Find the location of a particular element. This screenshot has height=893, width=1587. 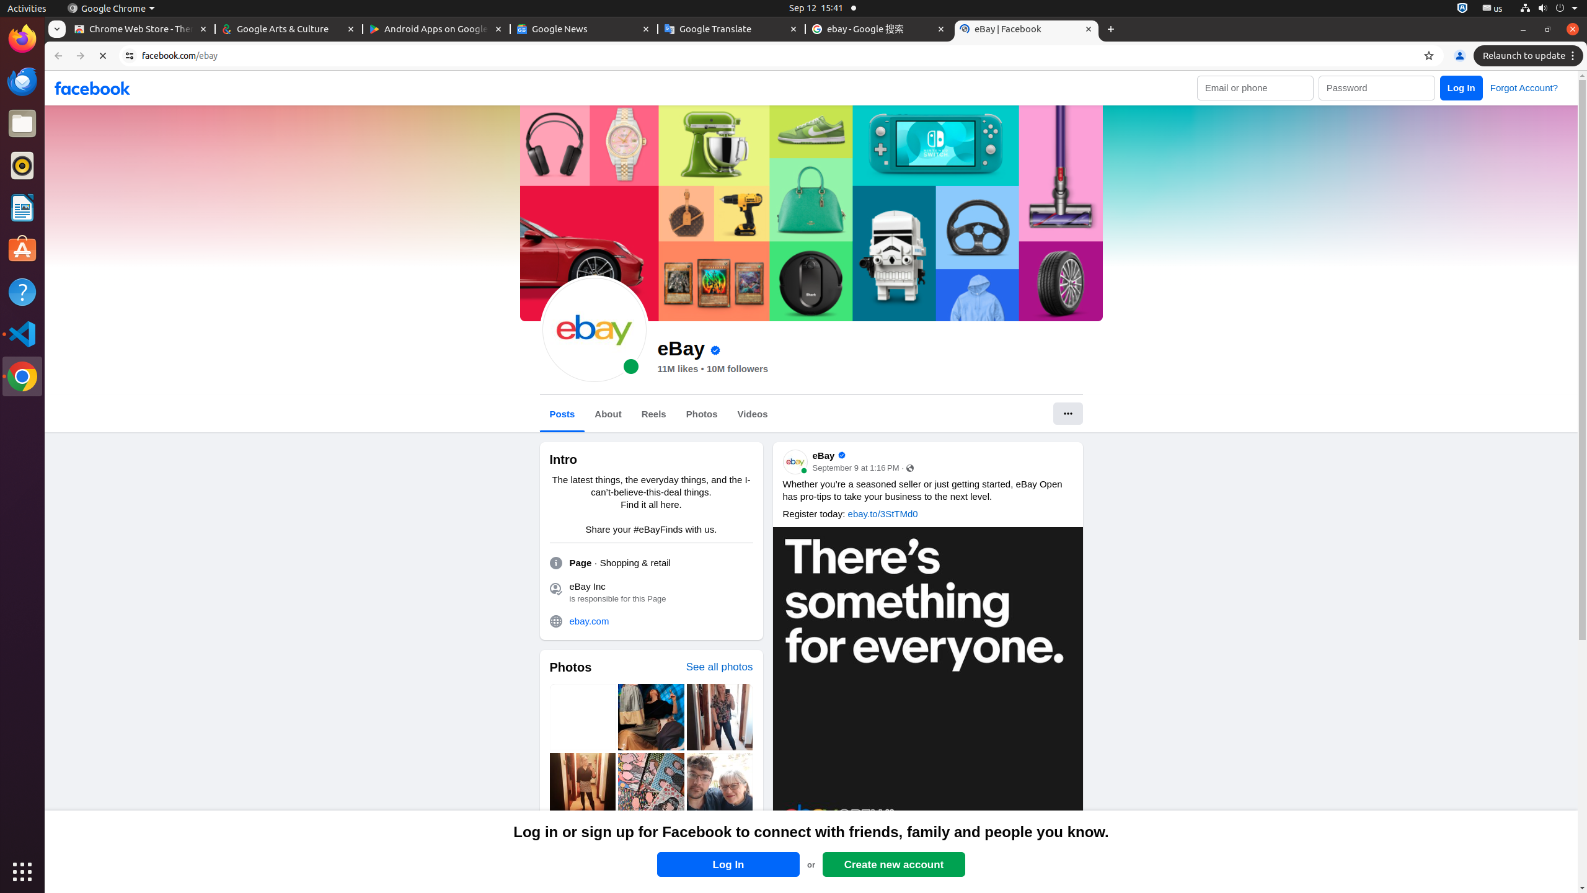

'10M followers' is located at coordinates (737, 368).